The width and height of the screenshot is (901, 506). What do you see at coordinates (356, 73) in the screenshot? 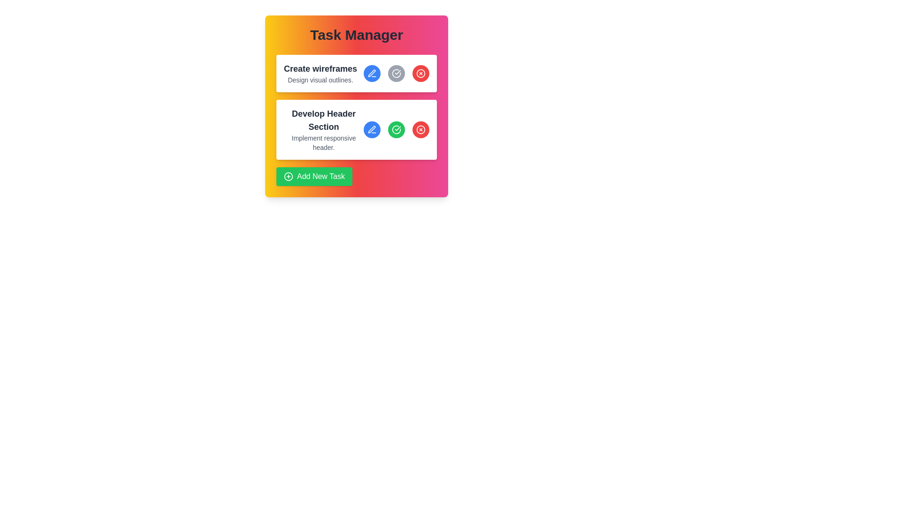
I see `the complete button of the first task block in the task manager to mark the task as done` at bounding box center [356, 73].